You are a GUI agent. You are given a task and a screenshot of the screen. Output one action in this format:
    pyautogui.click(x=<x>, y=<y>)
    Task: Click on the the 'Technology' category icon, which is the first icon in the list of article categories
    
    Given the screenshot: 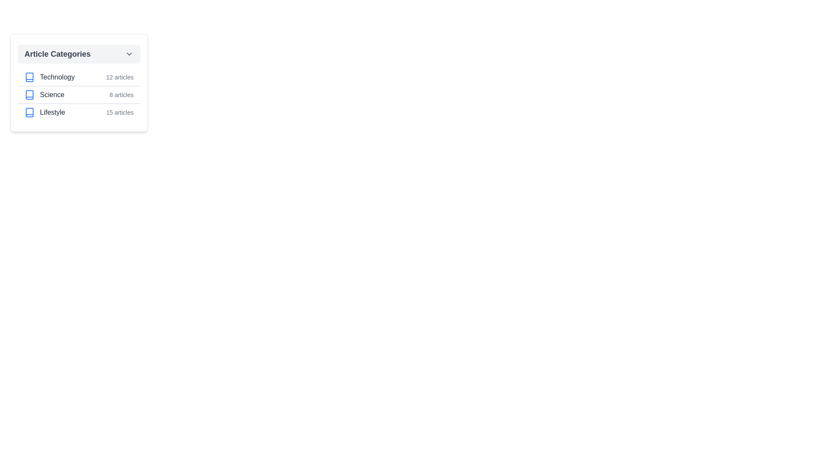 What is the action you would take?
    pyautogui.click(x=29, y=77)
    